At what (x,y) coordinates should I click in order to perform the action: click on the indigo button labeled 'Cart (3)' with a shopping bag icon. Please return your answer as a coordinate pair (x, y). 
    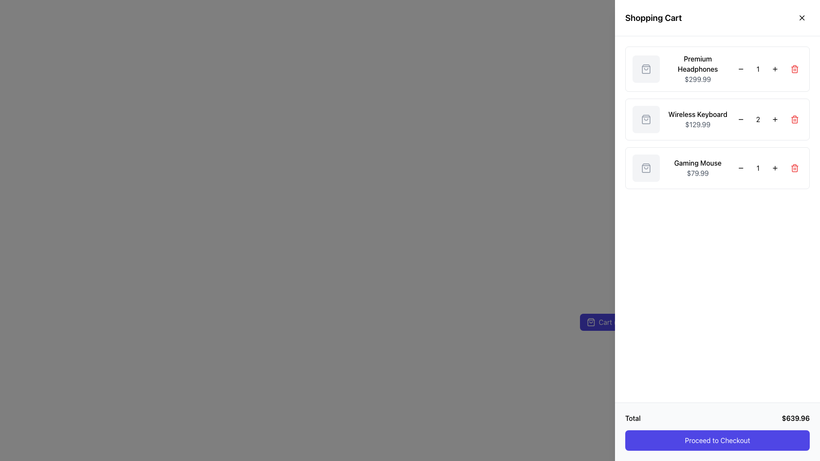
    Looking at the image, I should click on (604, 322).